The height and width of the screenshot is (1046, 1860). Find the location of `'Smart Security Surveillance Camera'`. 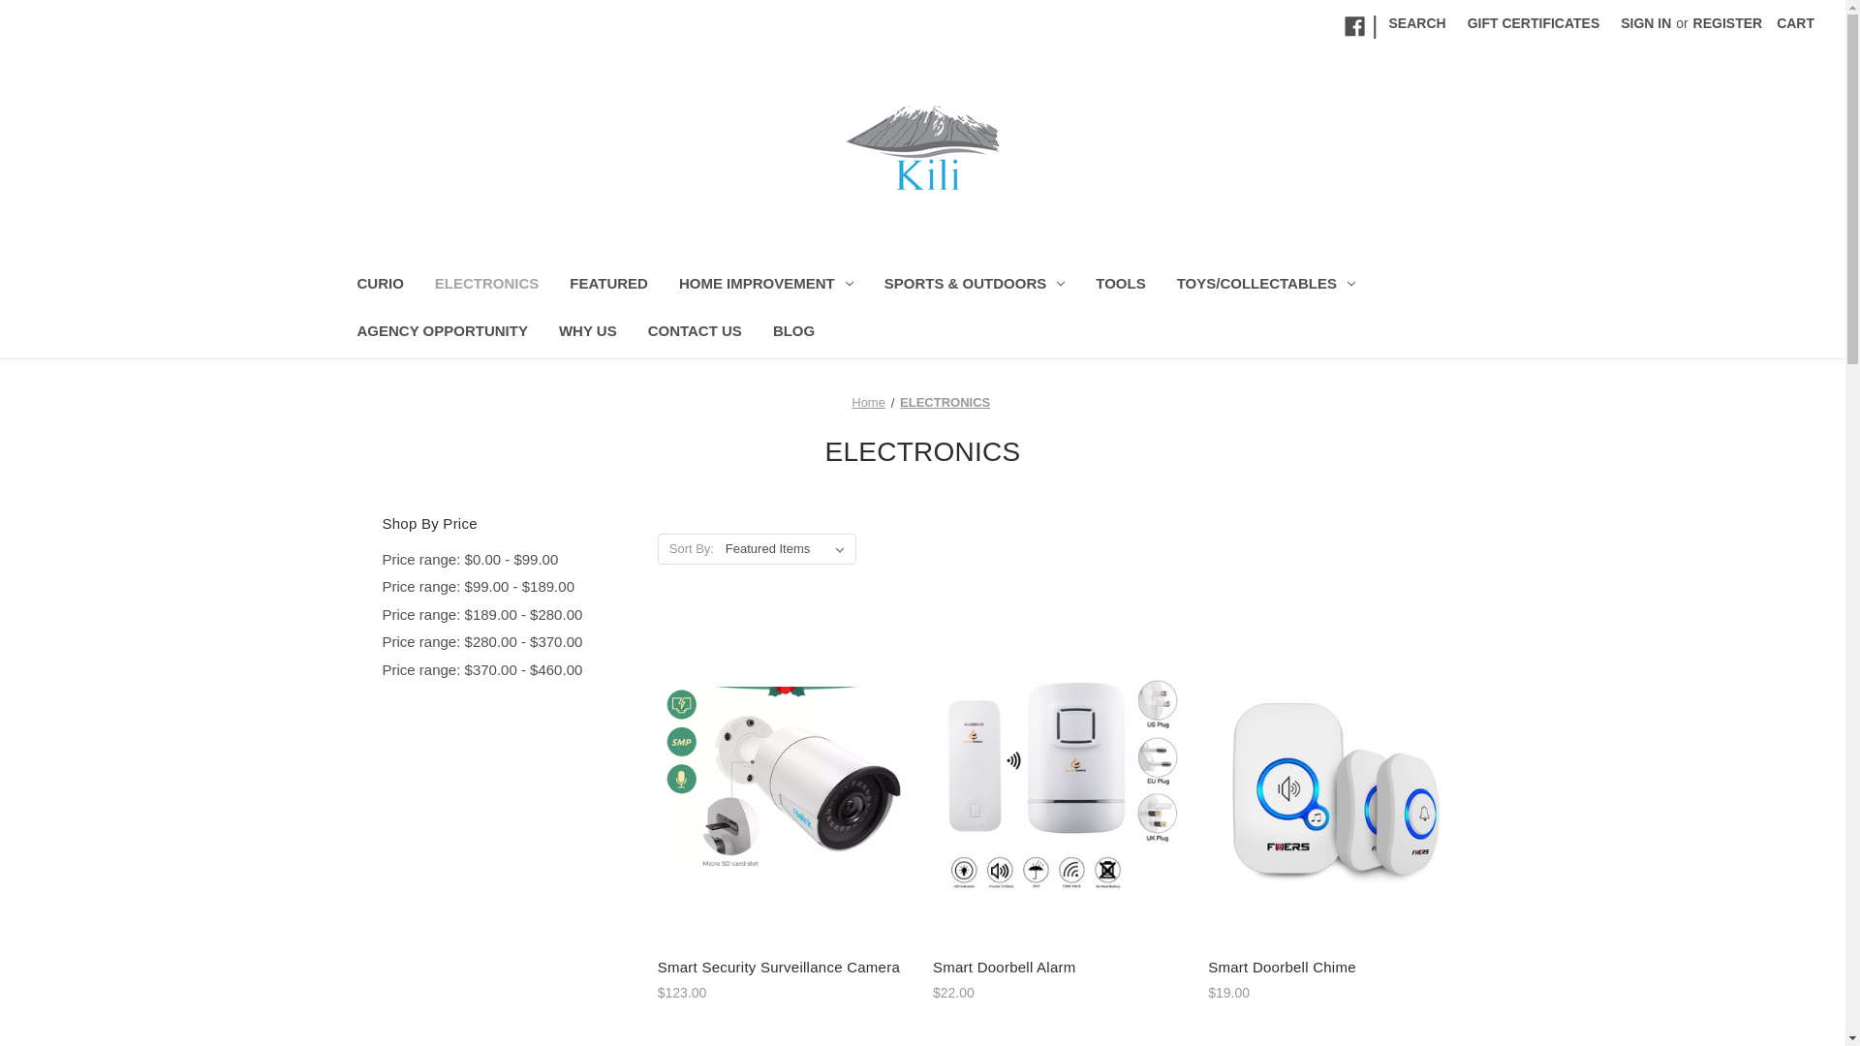

'Smart Security Surveillance Camera' is located at coordinates (785, 968).